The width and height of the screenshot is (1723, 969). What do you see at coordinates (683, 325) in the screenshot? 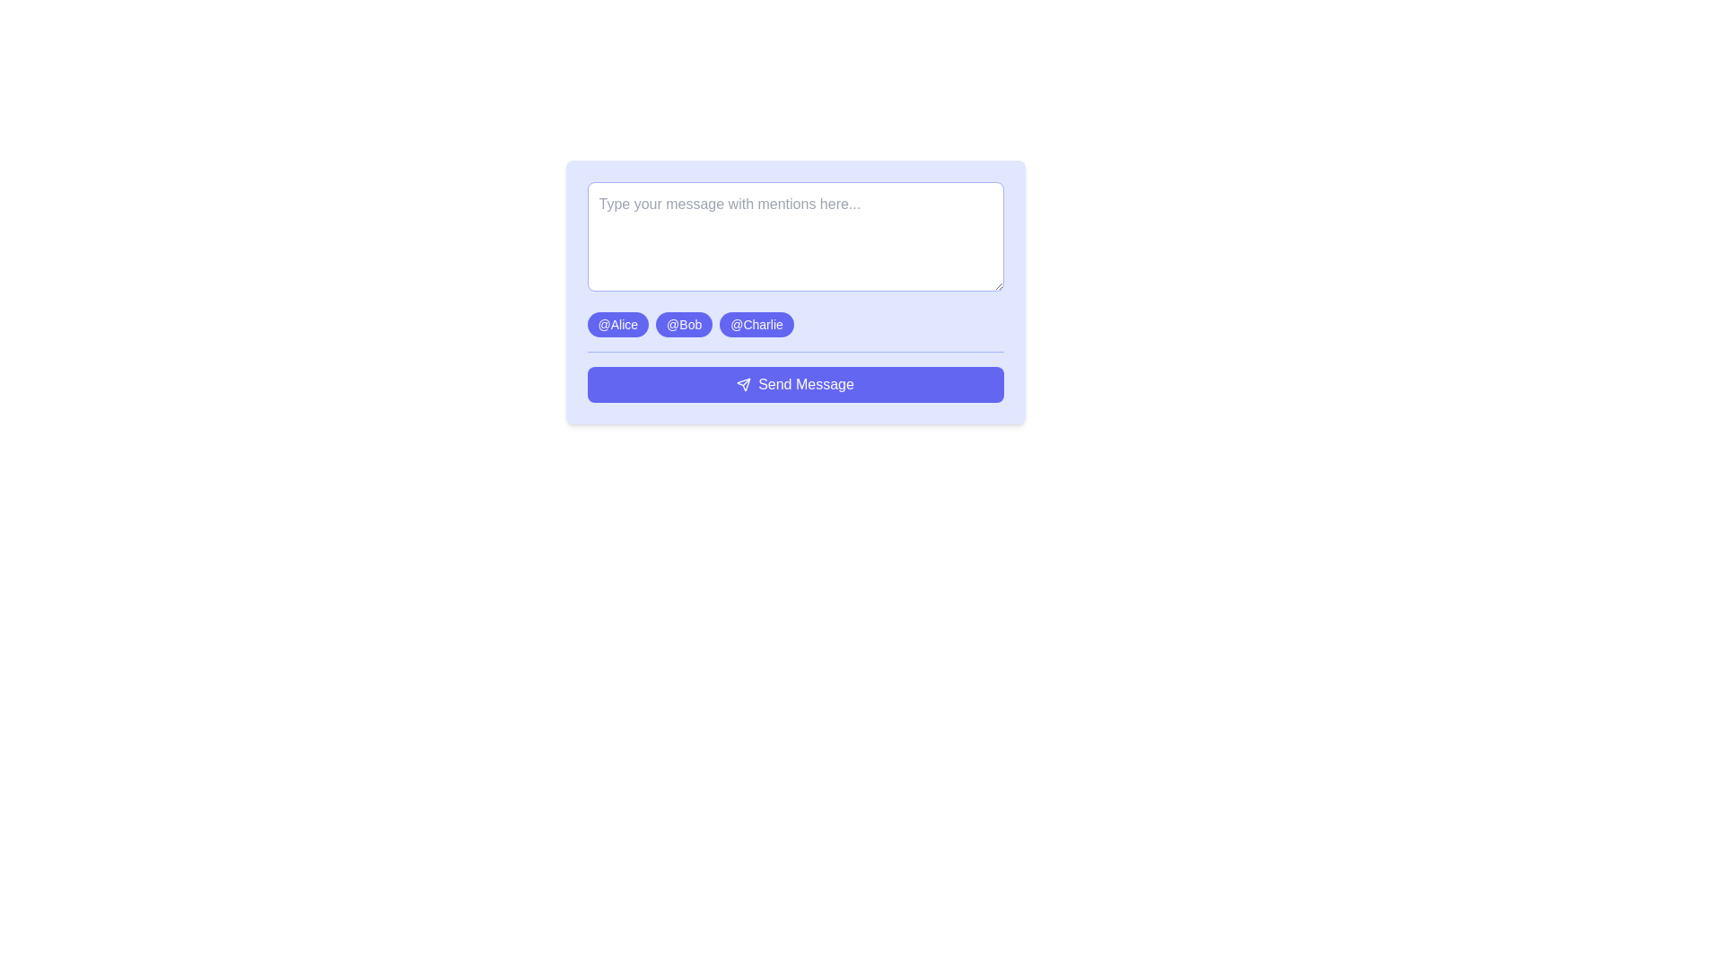
I see `the clickable badge label for 'Bob'` at bounding box center [683, 325].